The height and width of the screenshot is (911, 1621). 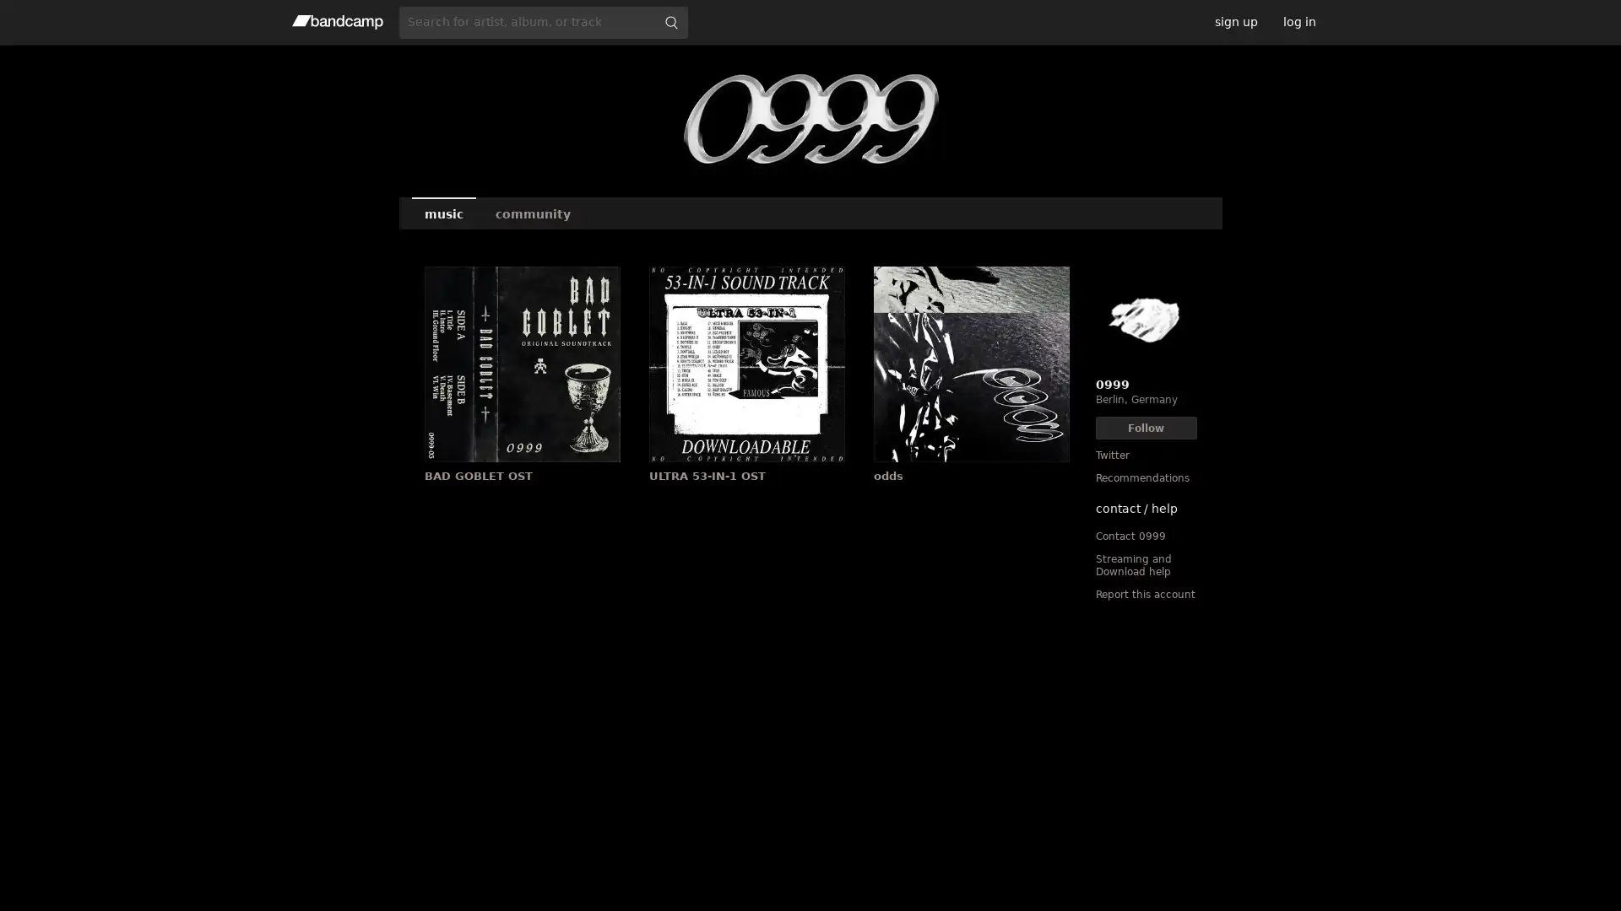 What do you see at coordinates (1146, 427) in the screenshot?
I see `Follow` at bounding box center [1146, 427].